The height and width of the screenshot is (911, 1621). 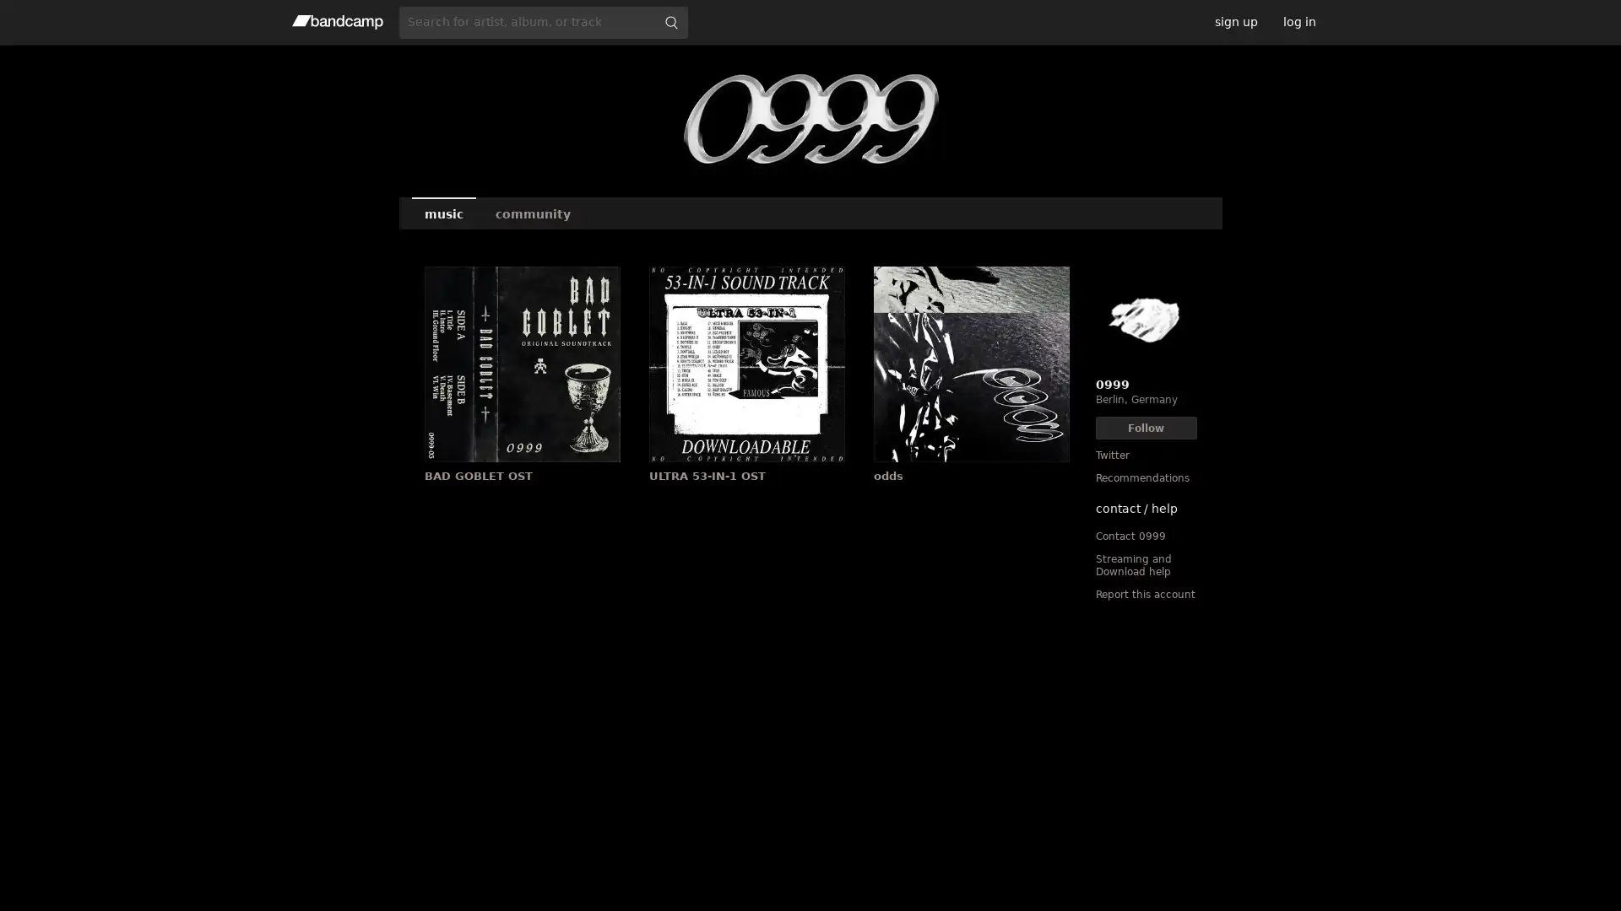 What do you see at coordinates (1146, 427) in the screenshot?
I see `Follow` at bounding box center [1146, 427].